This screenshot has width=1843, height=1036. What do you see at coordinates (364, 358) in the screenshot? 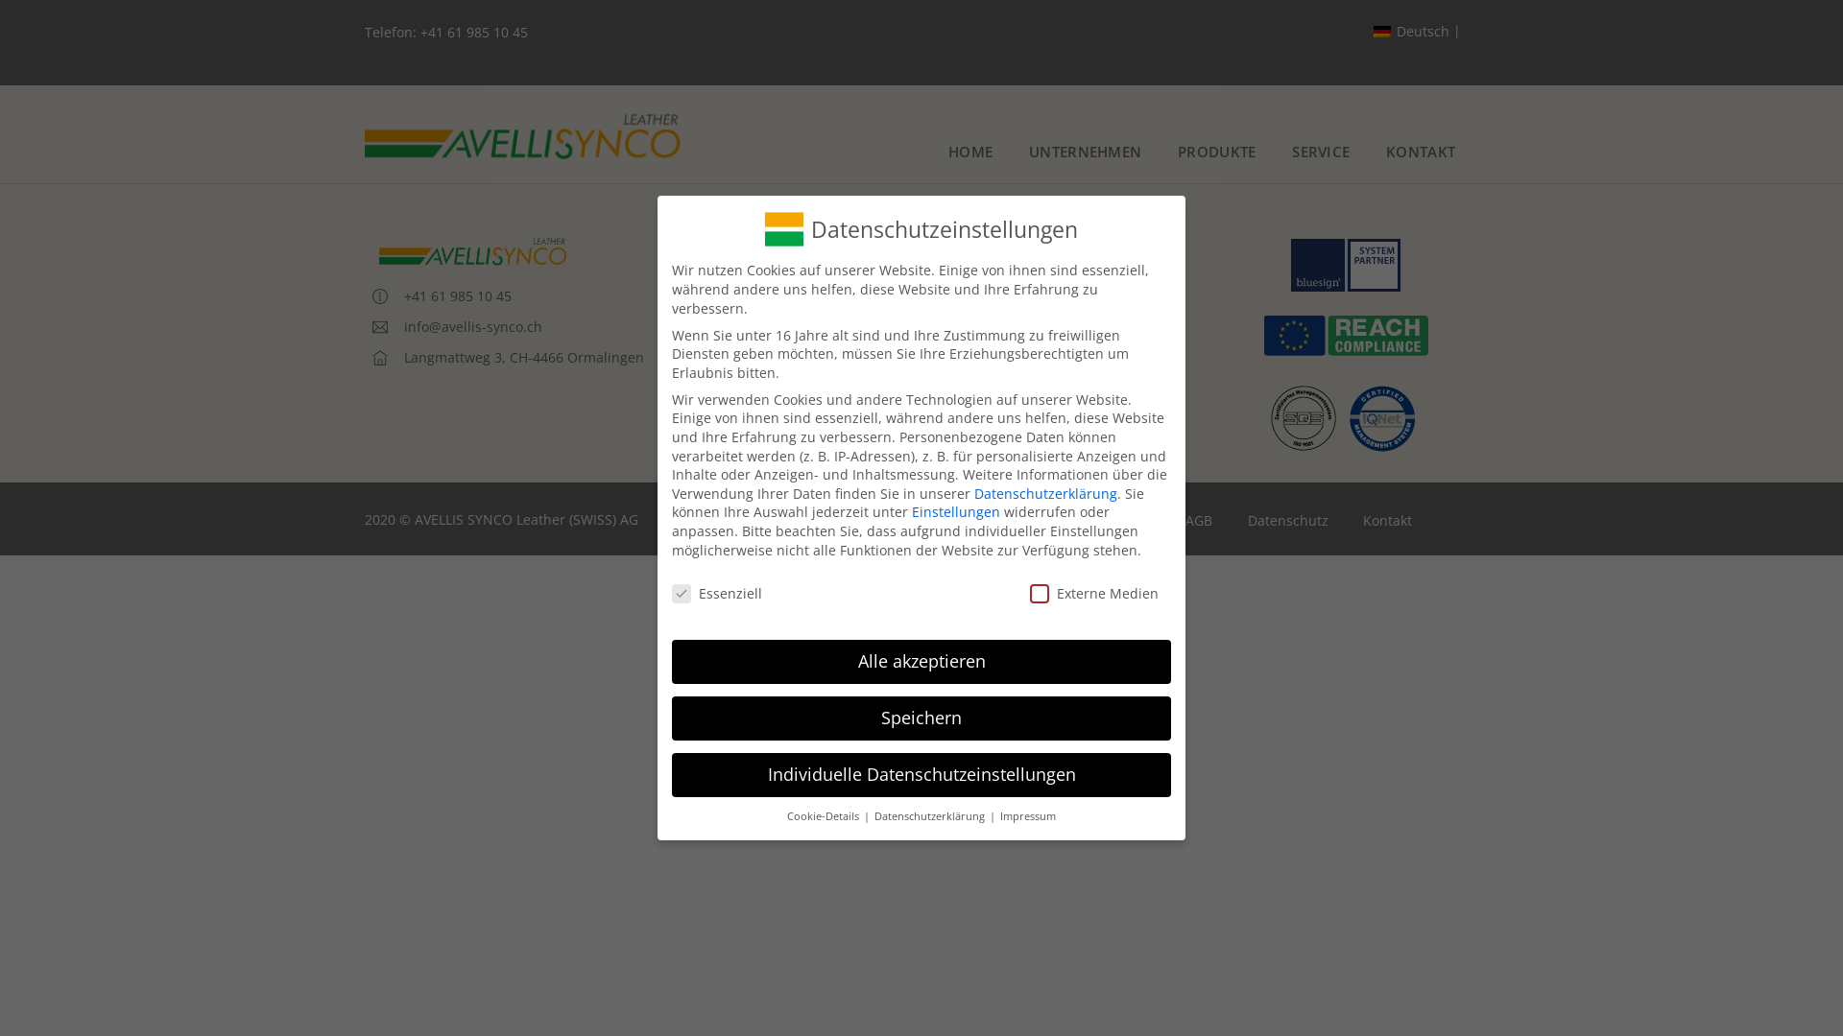
I see `'Langmattweg 3, CH-4466 Ormalingen'` at bounding box center [364, 358].